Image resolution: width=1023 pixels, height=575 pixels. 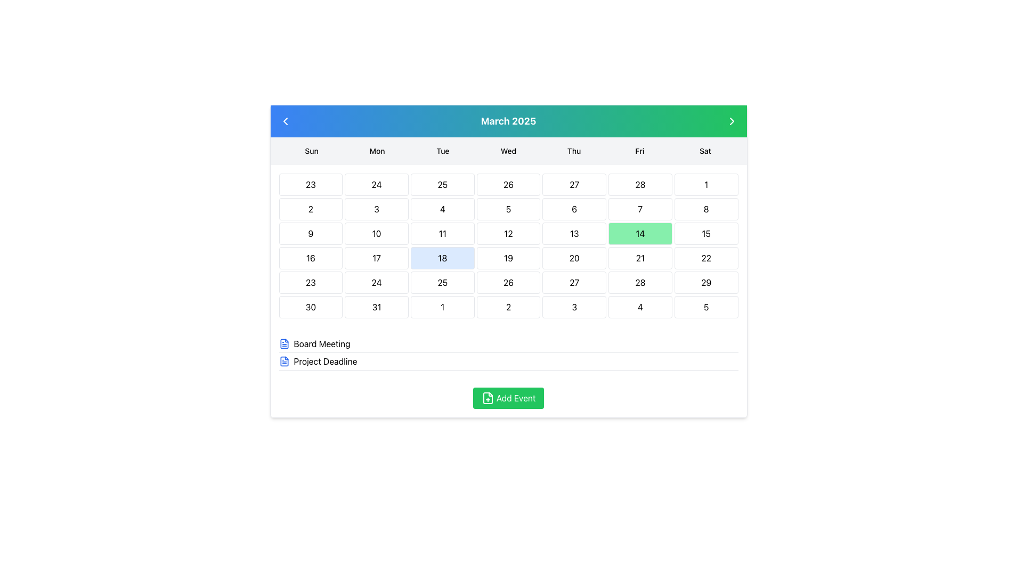 What do you see at coordinates (508, 282) in the screenshot?
I see `the calendar date cell representing '26th' in the month view` at bounding box center [508, 282].